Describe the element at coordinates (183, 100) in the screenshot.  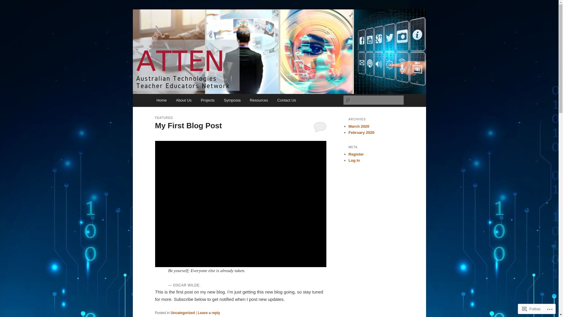
I see `'About Us'` at that location.